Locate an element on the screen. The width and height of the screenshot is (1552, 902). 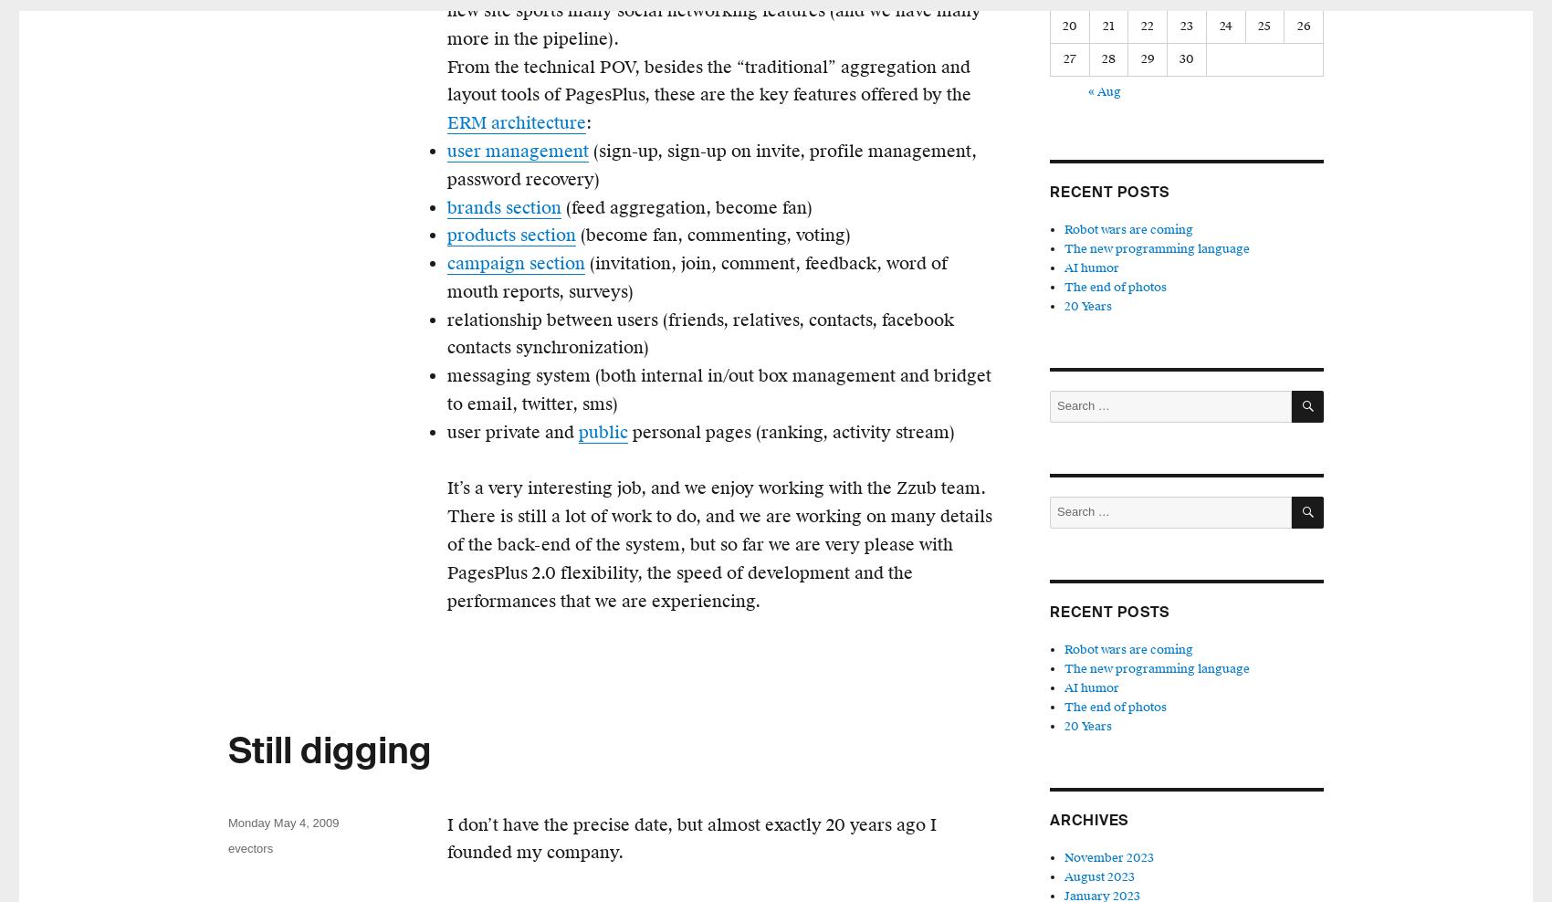
'evectors' is located at coordinates (250, 847).